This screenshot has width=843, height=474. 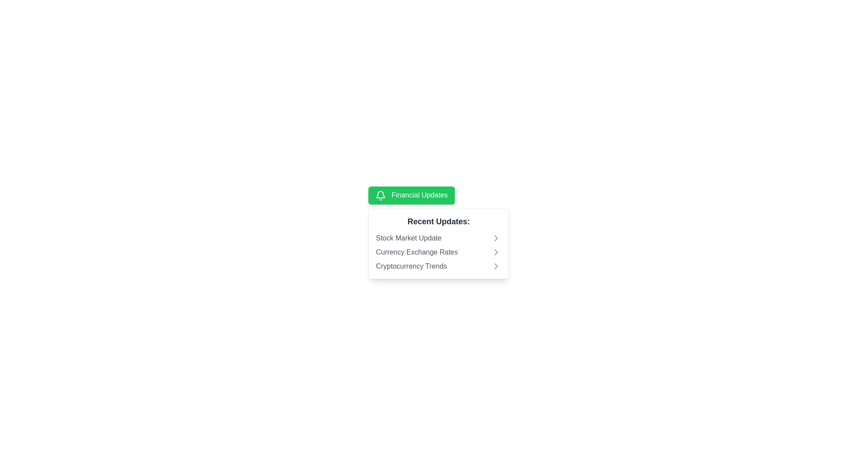 I want to click on the text label 'Currency Exchange Rates' in the dropdown menu to trigger a tooltip display or highlight effect, so click(x=416, y=252).